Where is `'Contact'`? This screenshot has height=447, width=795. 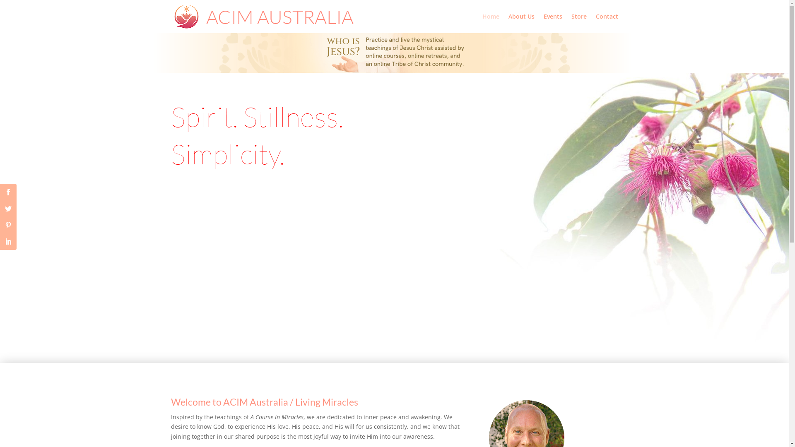
'Contact' is located at coordinates (595, 23).